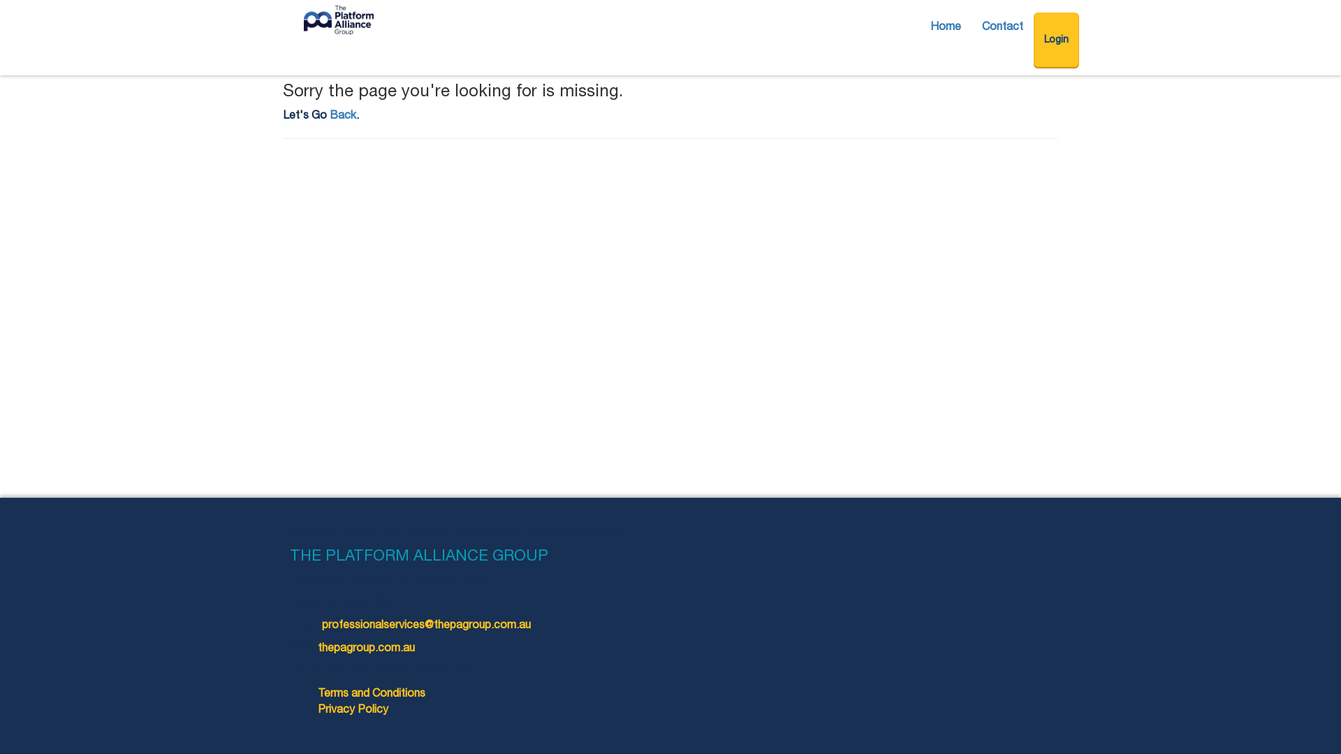 The height and width of the screenshot is (754, 1341). Describe the element at coordinates (1002, 27) in the screenshot. I see `'Contact'` at that location.